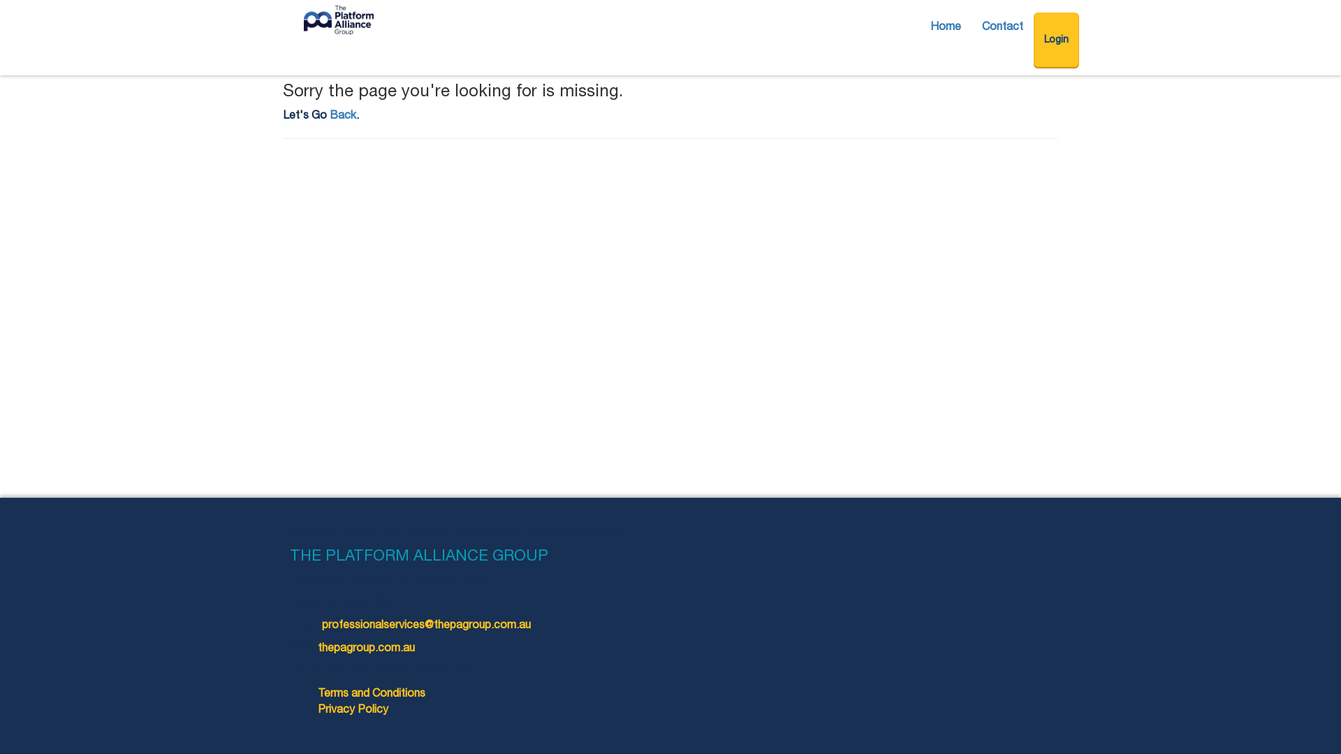 The height and width of the screenshot is (754, 1341). Describe the element at coordinates (1002, 27) in the screenshot. I see `'Contact'` at that location.